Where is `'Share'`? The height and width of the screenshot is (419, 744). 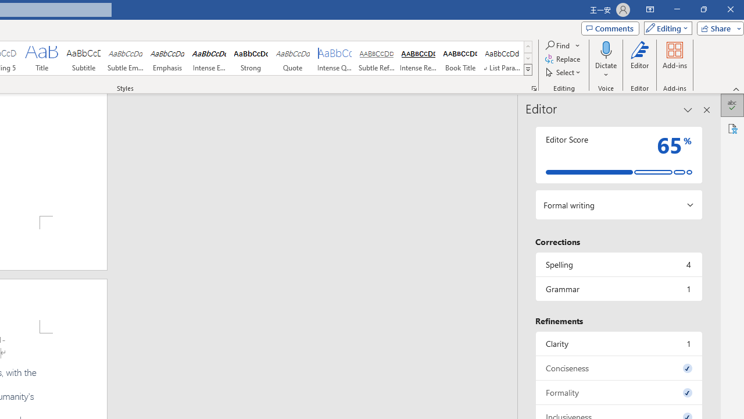 'Share' is located at coordinates (717, 27).